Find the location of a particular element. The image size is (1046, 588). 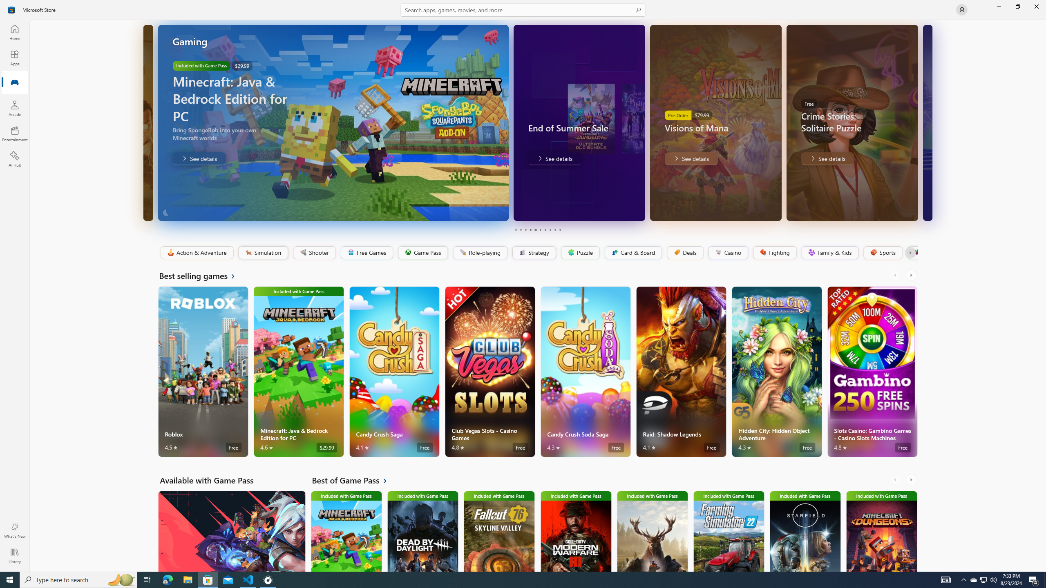

'AI Hub' is located at coordinates (14, 158).